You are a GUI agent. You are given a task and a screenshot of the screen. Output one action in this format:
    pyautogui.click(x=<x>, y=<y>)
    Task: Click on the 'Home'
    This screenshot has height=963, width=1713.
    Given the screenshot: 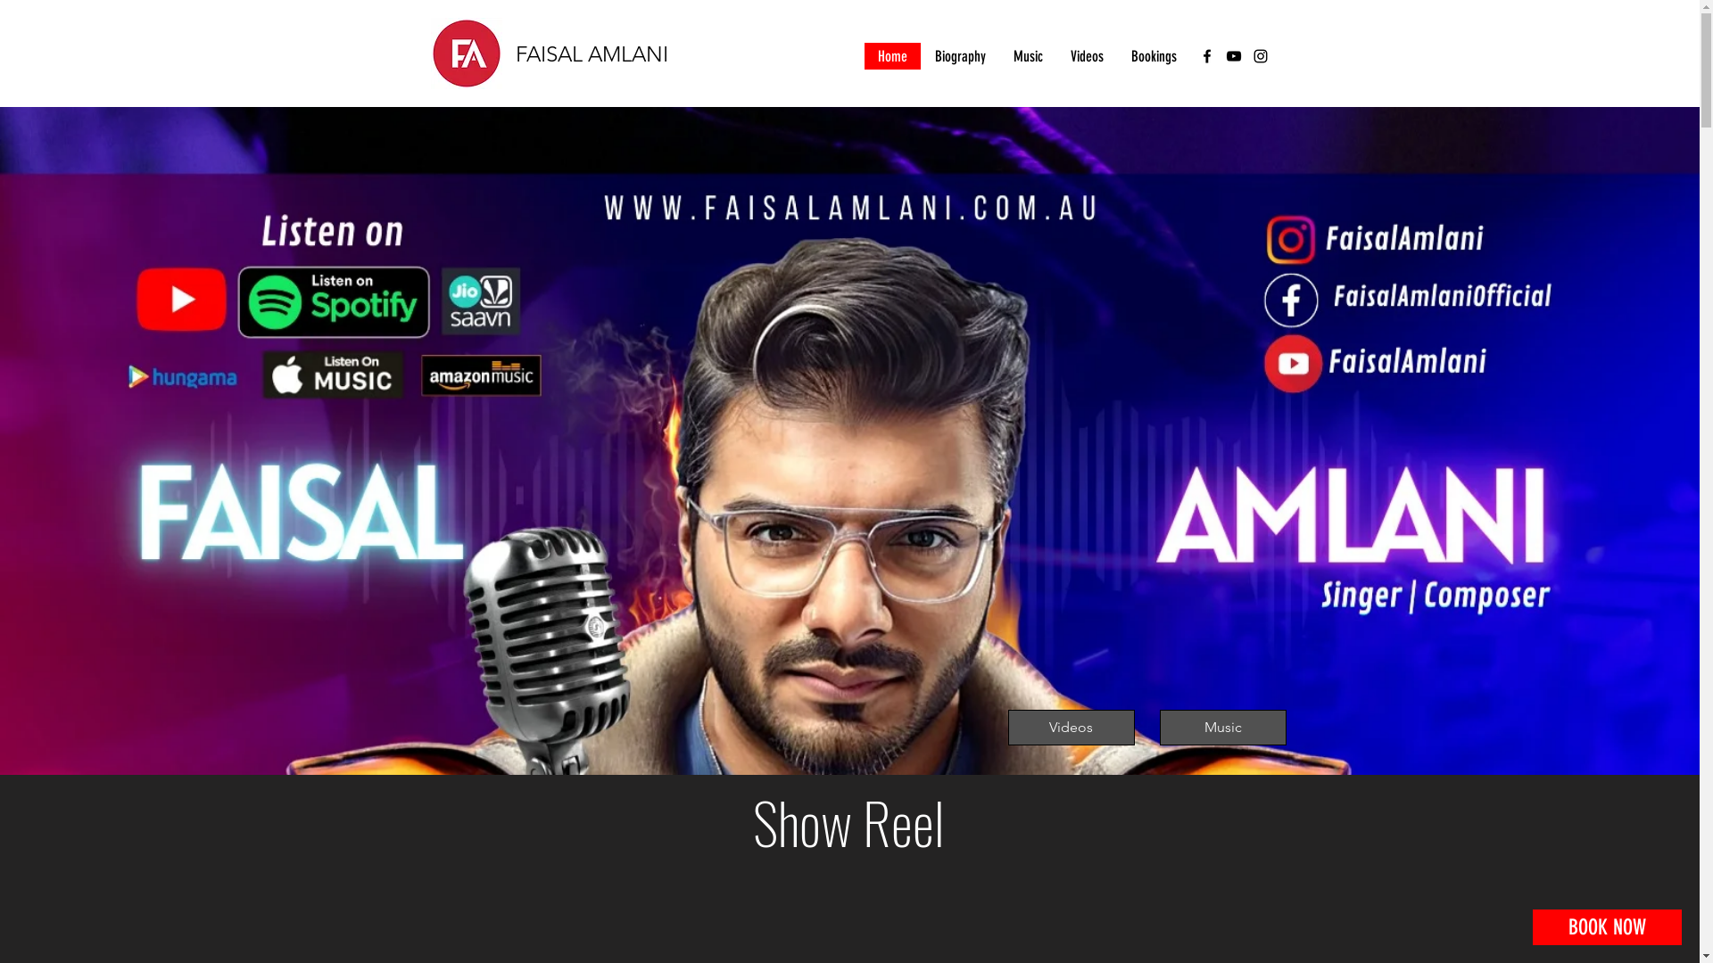 What is the action you would take?
    pyautogui.click(x=891, y=54)
    